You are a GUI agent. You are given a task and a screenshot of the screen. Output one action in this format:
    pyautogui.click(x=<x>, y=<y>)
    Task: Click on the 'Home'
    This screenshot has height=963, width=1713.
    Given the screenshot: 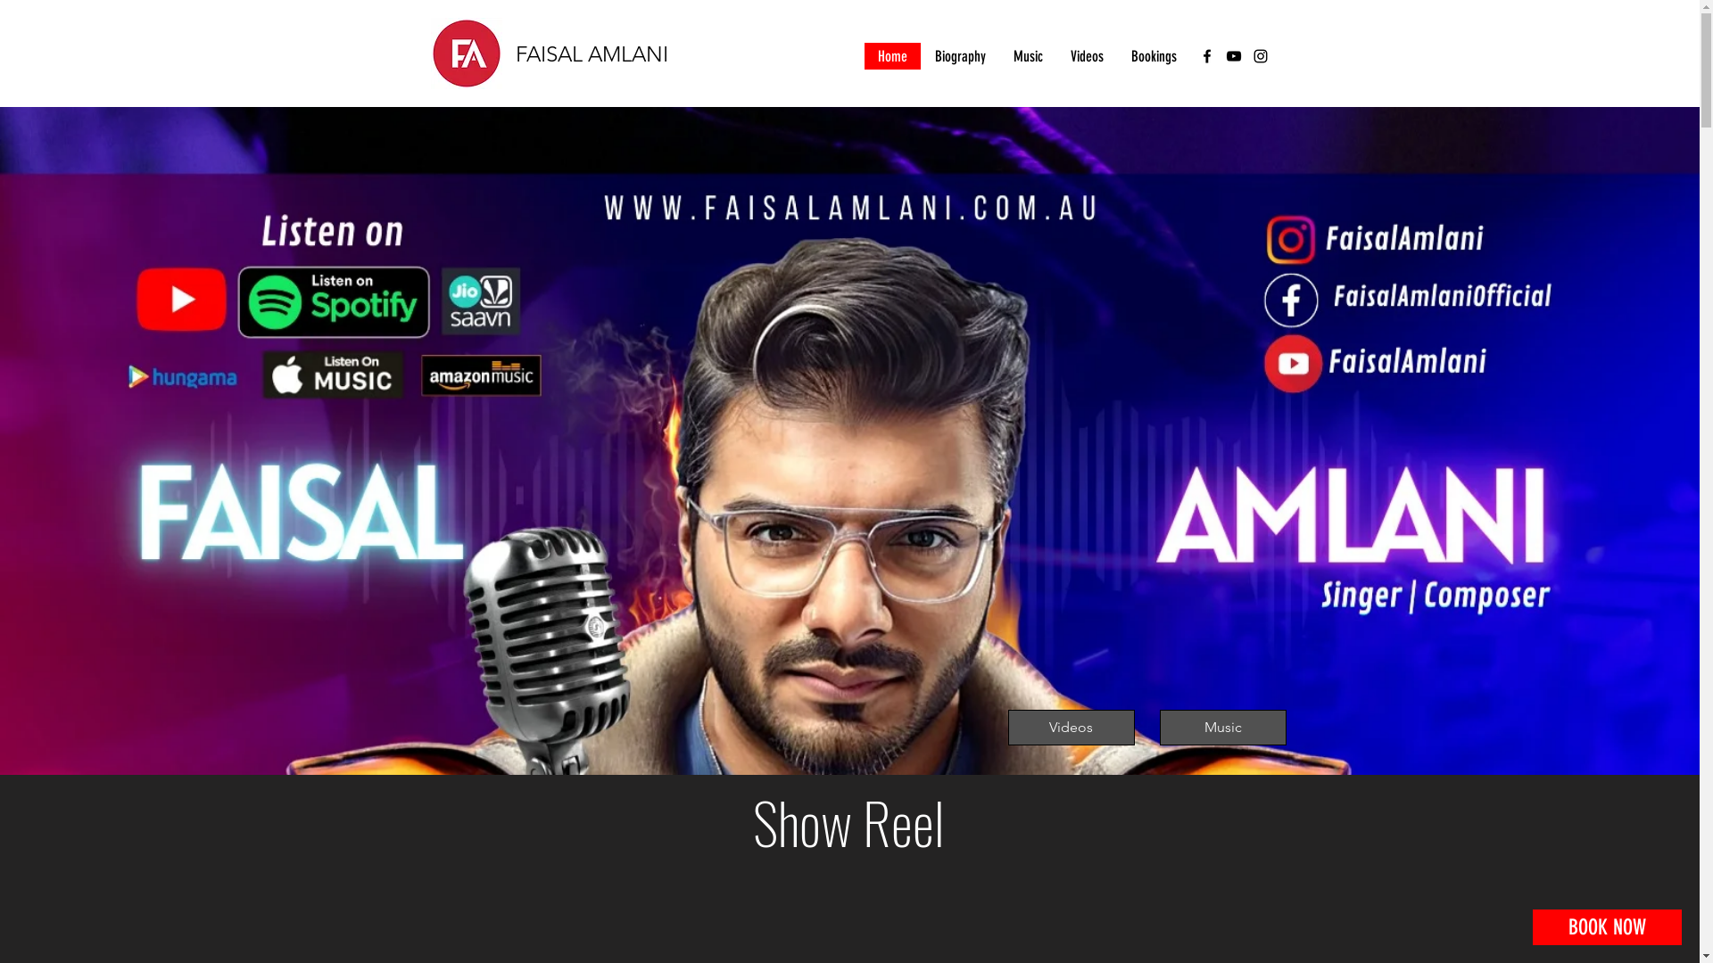 What is the action you would take?
    pyautogui.click(x=891, y=54)
    